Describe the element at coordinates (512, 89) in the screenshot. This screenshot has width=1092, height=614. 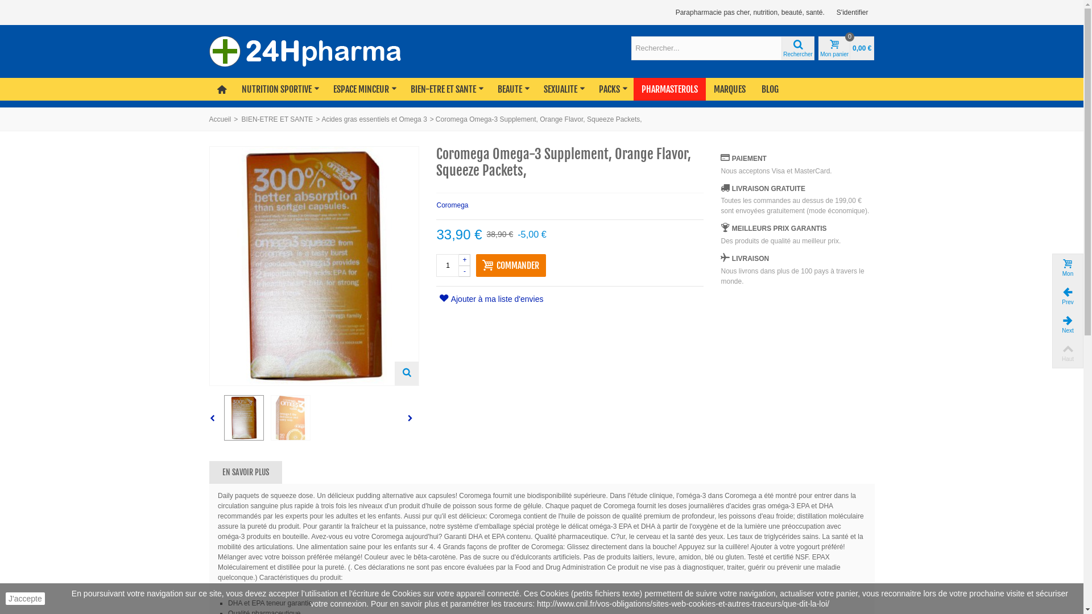
I see `'BEAUTE'` at that location.